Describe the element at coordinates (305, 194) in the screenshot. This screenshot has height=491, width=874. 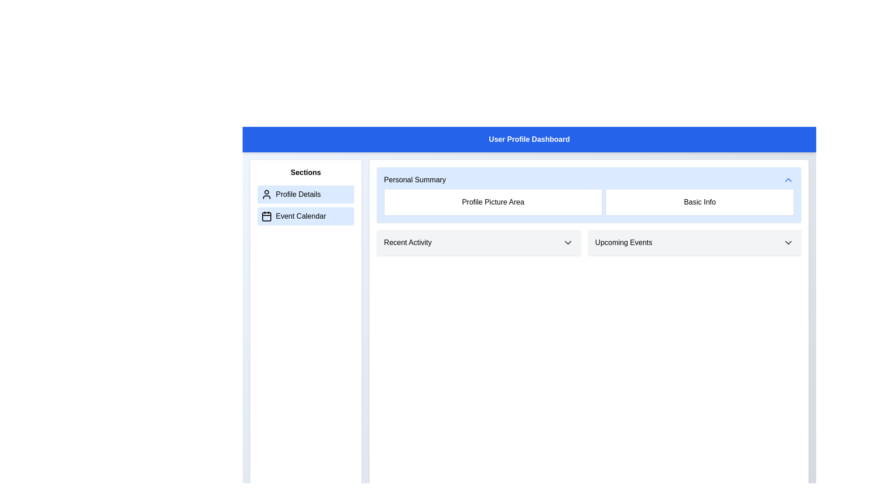
I see `the 'Profile Details' button-like component with a light blue background and user profile icon` at that location.